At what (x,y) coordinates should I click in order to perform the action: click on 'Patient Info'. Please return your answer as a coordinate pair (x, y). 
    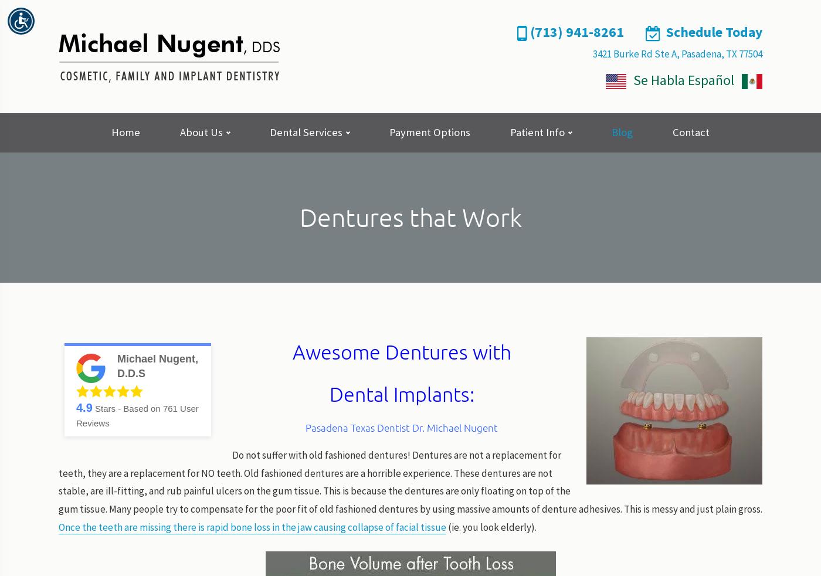
    Looking at the image, I should click on (509, 131).